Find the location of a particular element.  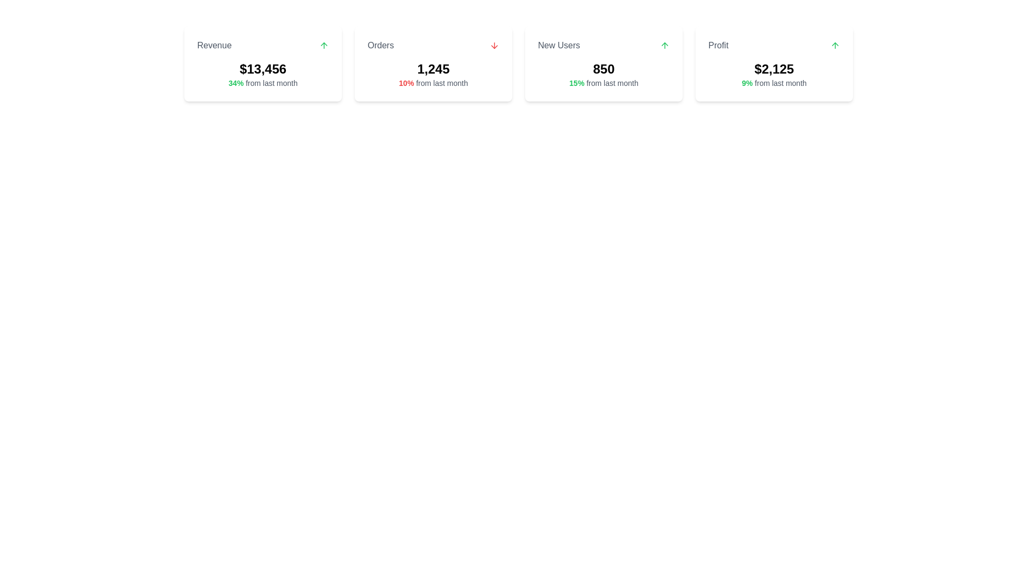

the 'Orders' text label, which is styled in gray and bold font, located at the top-left of the second card in a horizontal row is located at coordinates (381, 45).